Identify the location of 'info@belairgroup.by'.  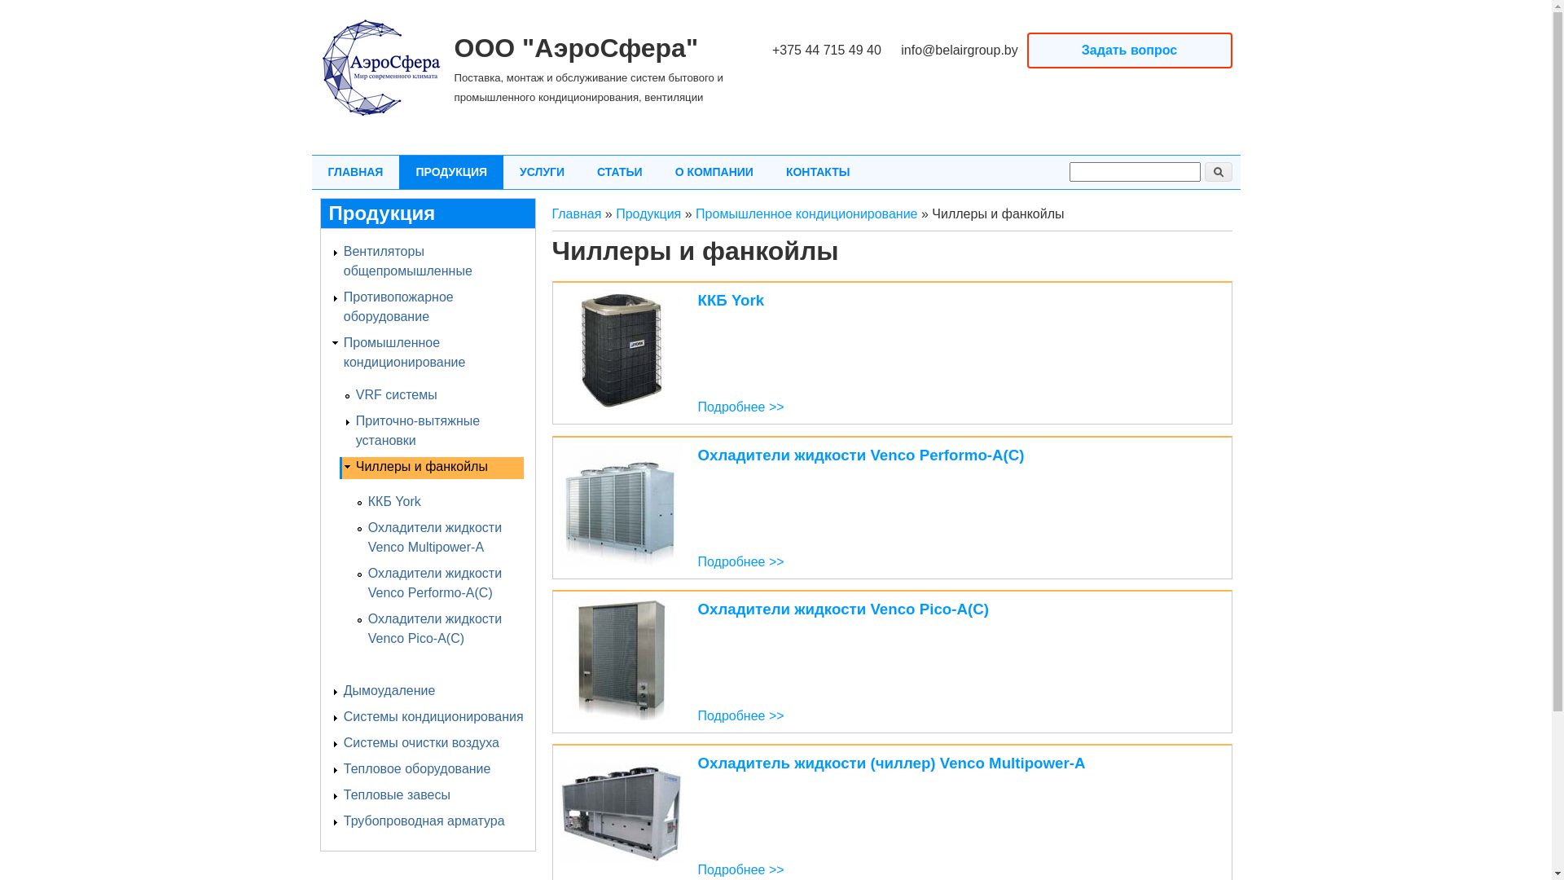
(959, 49).